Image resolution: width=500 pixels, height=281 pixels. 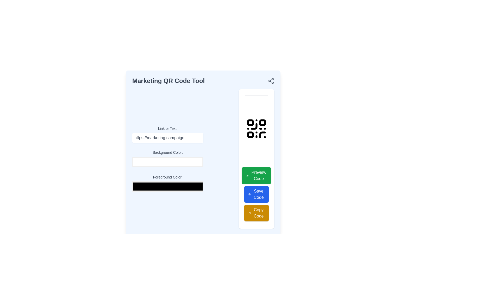 What do you see at coordinates (247, 176) in the screenshot?
I see `the small eye icon with a green background located to the left of the 'Preview Code' text in the green button` at bounding box center [247, 176].